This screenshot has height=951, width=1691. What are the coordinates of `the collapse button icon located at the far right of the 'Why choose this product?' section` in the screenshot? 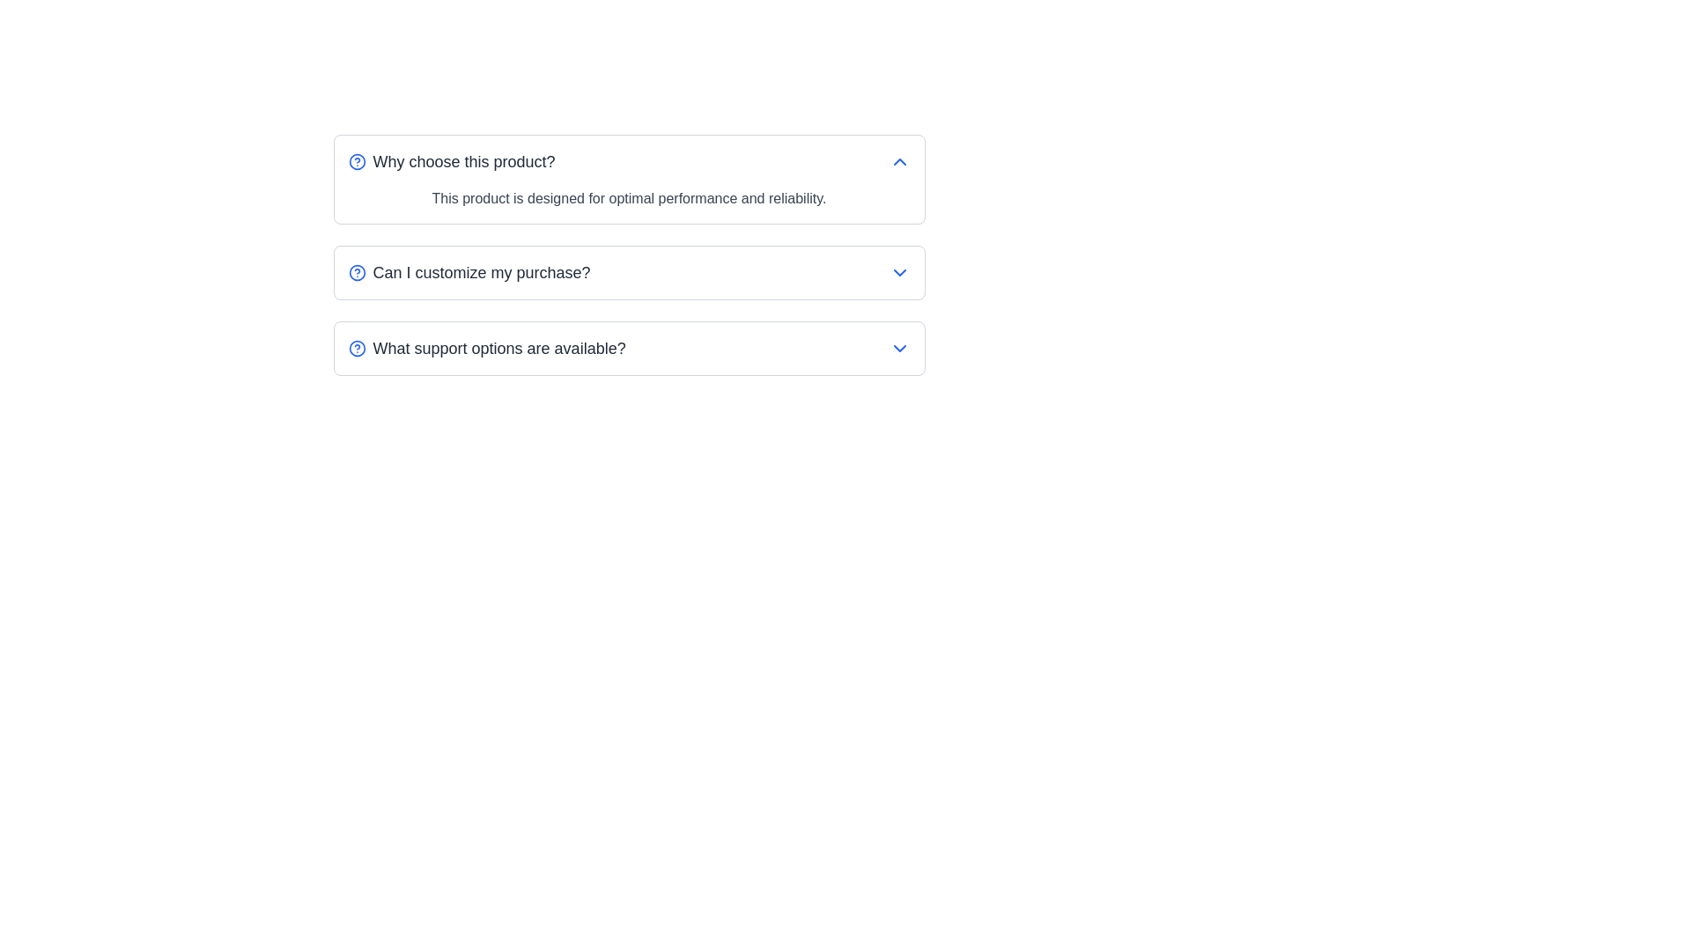 It's located at (899, 162).